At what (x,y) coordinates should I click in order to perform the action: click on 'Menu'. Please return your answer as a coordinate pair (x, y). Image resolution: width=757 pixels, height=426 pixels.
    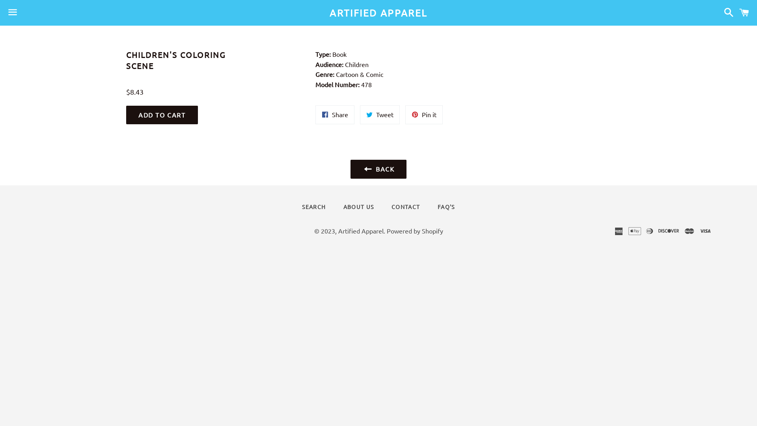
    Looking at the image, I should click on (13, 13).